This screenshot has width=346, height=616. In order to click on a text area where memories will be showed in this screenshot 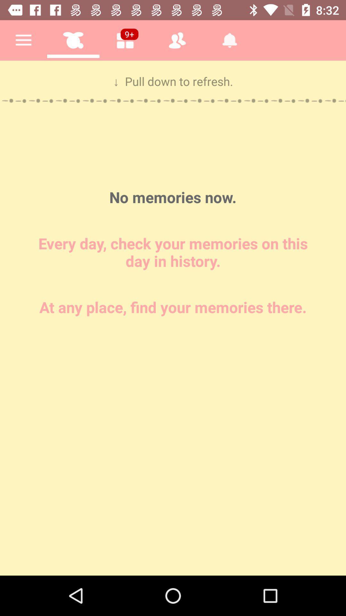, I will do `click(173, 318)`.